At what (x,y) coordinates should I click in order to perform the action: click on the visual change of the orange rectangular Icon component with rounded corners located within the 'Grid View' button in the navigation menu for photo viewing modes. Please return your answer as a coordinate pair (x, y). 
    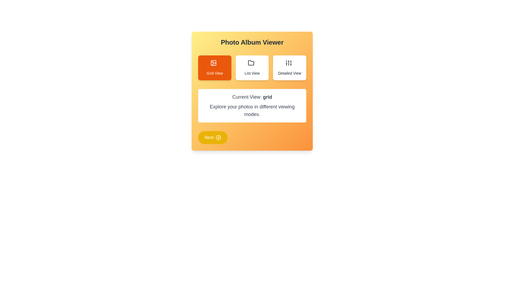
    Looking at the image, I should click on (213, 62).